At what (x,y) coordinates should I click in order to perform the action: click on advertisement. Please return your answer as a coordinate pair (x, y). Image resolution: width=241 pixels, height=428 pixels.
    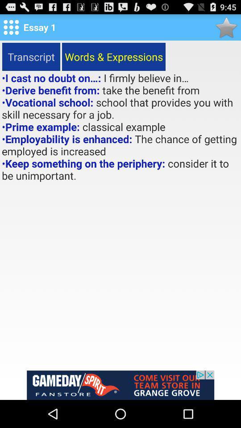
    Looking at the image, I should click on (120, 385).